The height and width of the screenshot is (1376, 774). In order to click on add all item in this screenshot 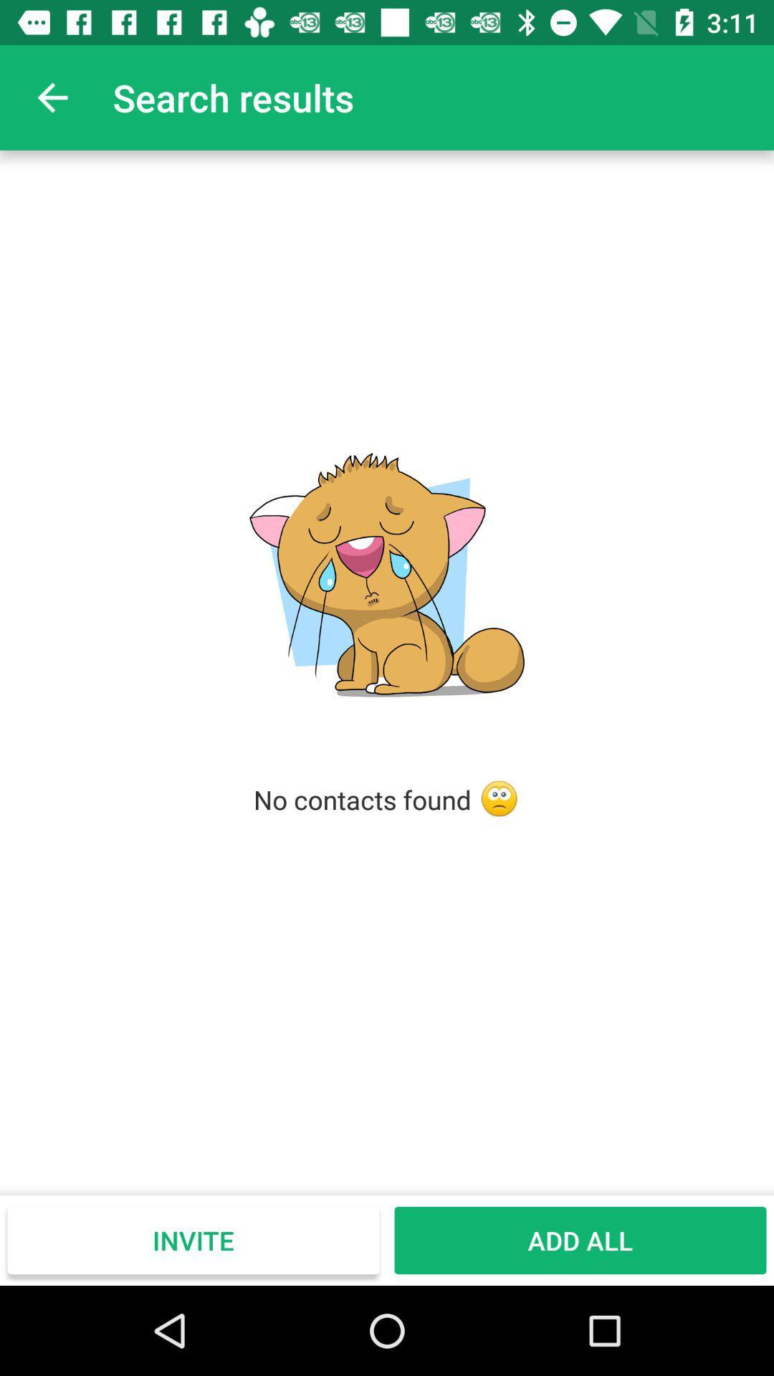, I will do `click(580, 1240)`.